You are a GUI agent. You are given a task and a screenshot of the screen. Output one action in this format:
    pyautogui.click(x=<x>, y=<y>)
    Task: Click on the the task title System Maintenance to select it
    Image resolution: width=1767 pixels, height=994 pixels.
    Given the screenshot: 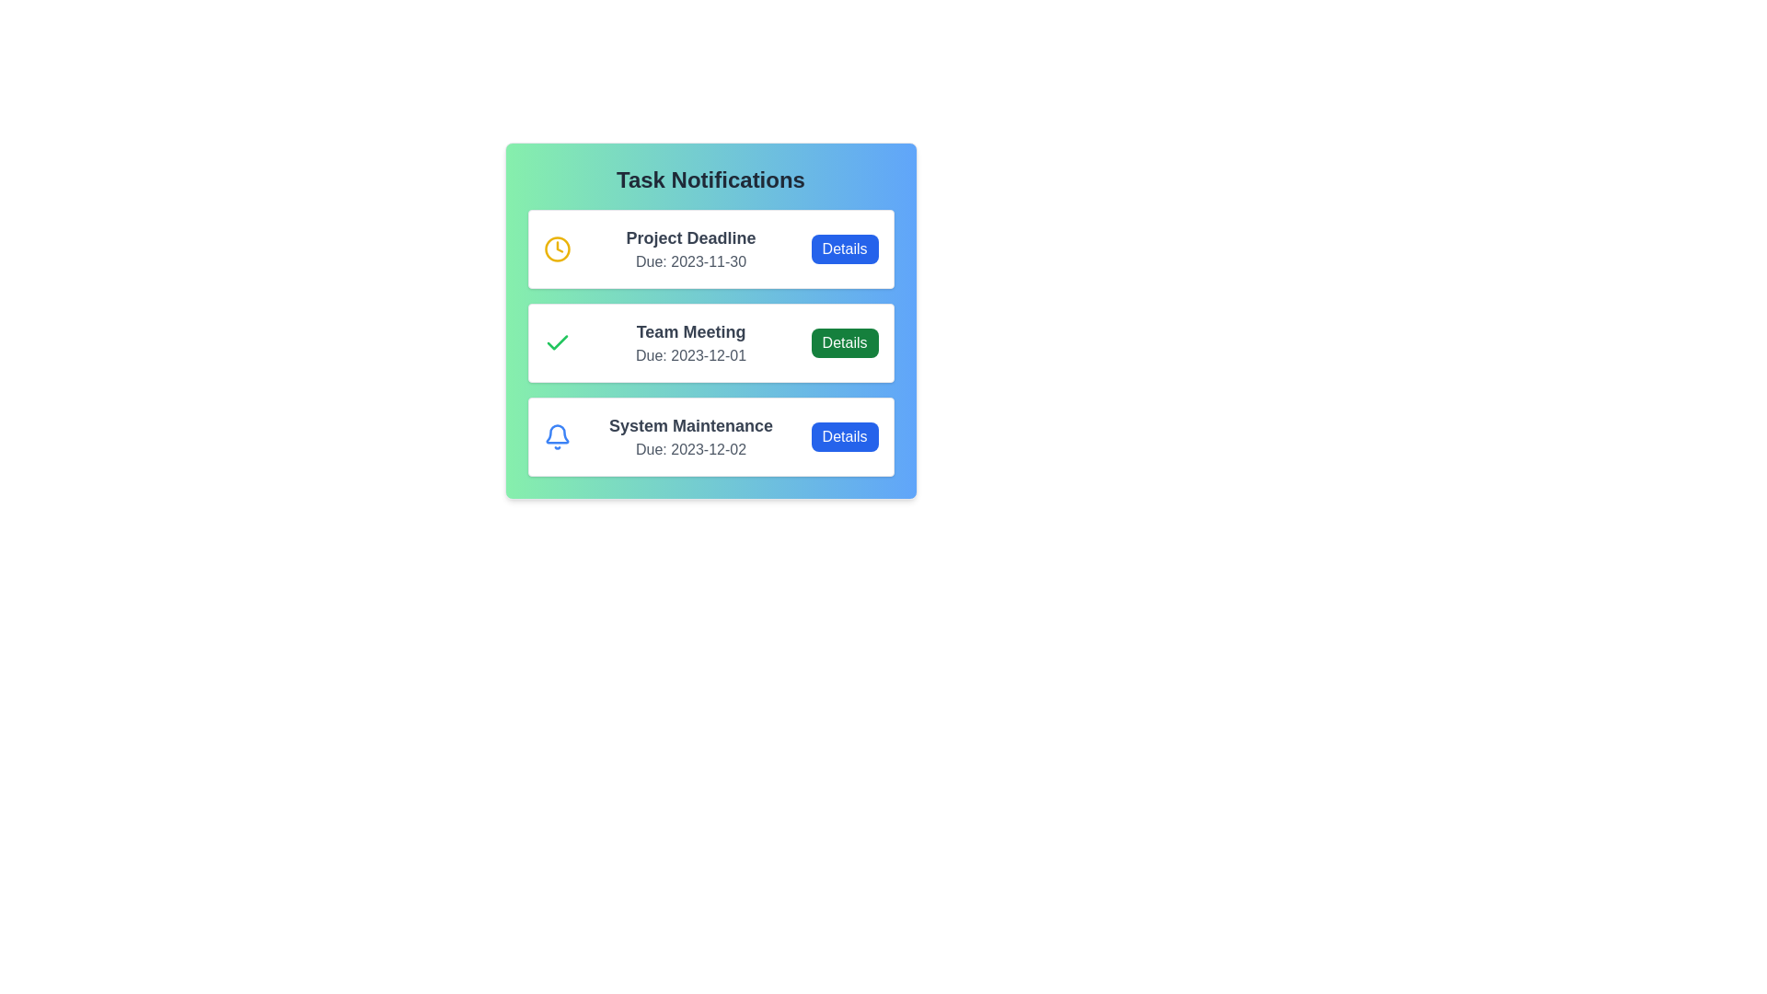 What is the action you would take?
    pyautogui.click(x=690, y=425)
    